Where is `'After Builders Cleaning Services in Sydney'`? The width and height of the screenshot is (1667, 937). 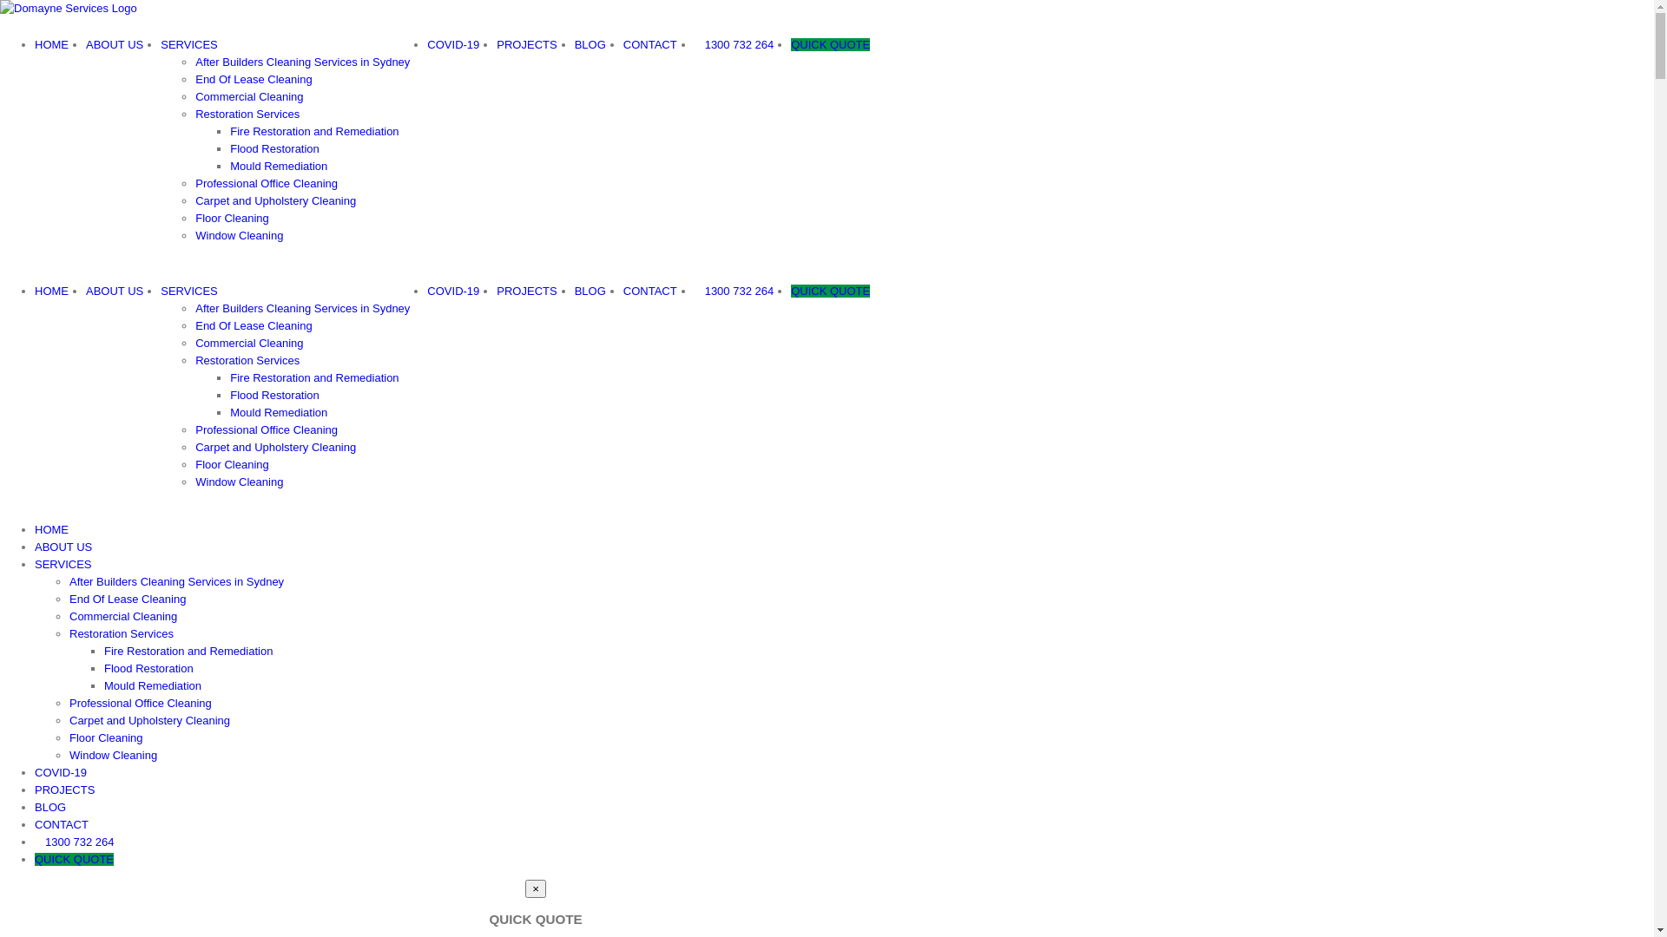 'After Builders Cleaning Services in Sydney' is located at coordinates (195, 307).